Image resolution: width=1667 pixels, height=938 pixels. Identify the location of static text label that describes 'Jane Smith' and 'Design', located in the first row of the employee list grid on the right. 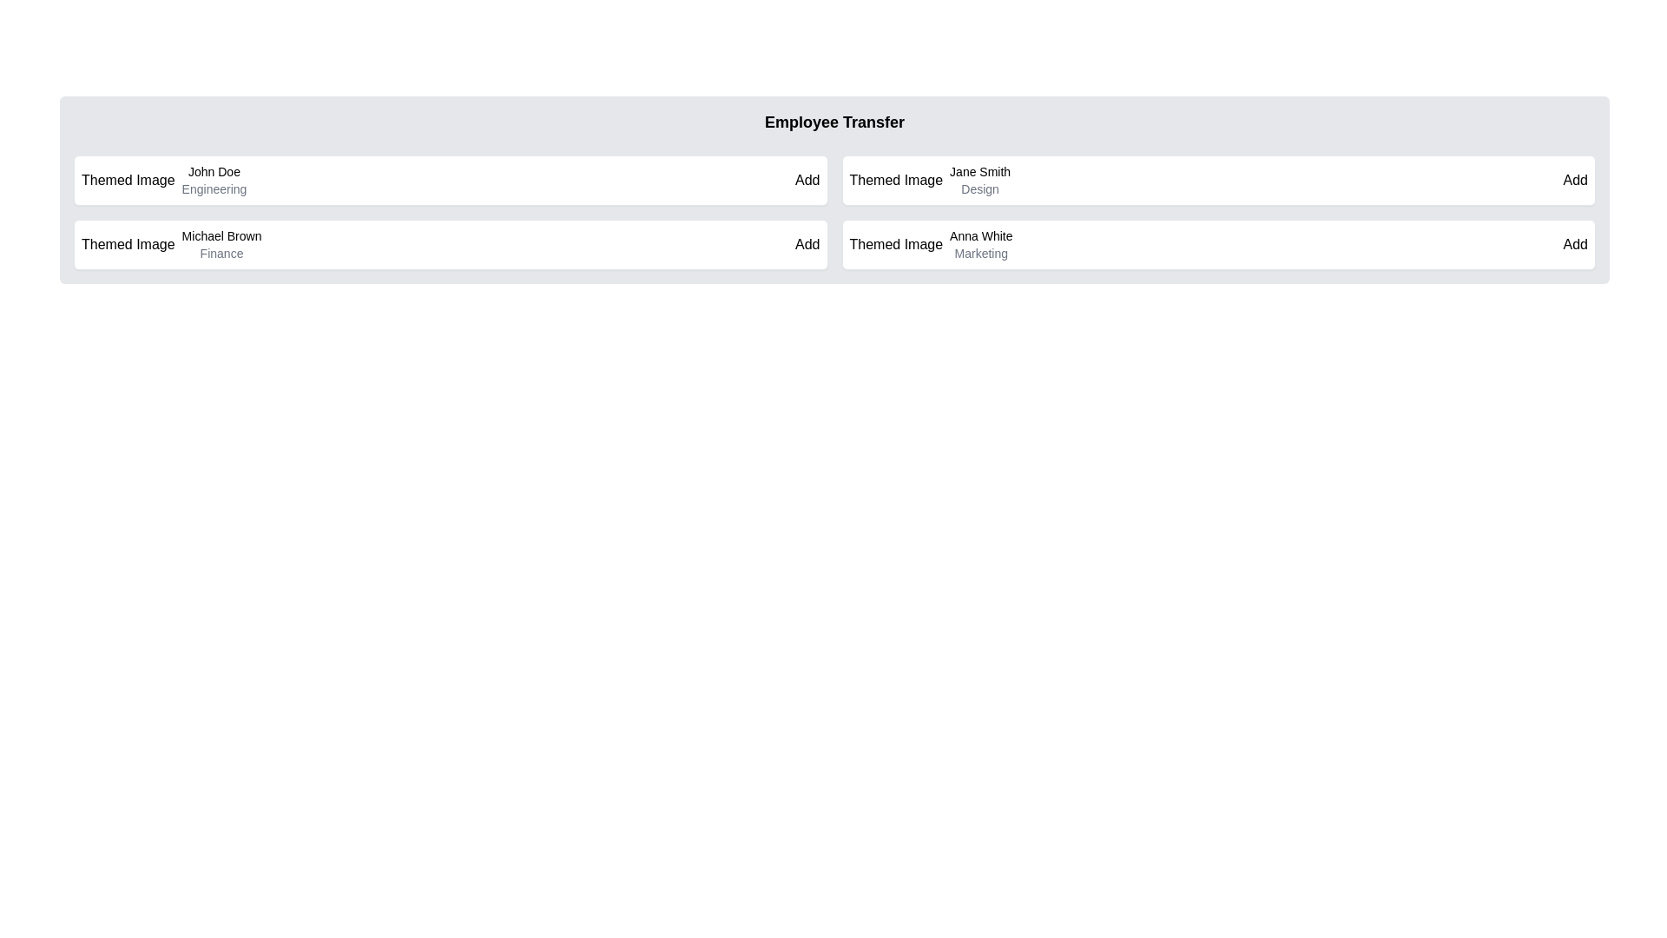
(896, 181).